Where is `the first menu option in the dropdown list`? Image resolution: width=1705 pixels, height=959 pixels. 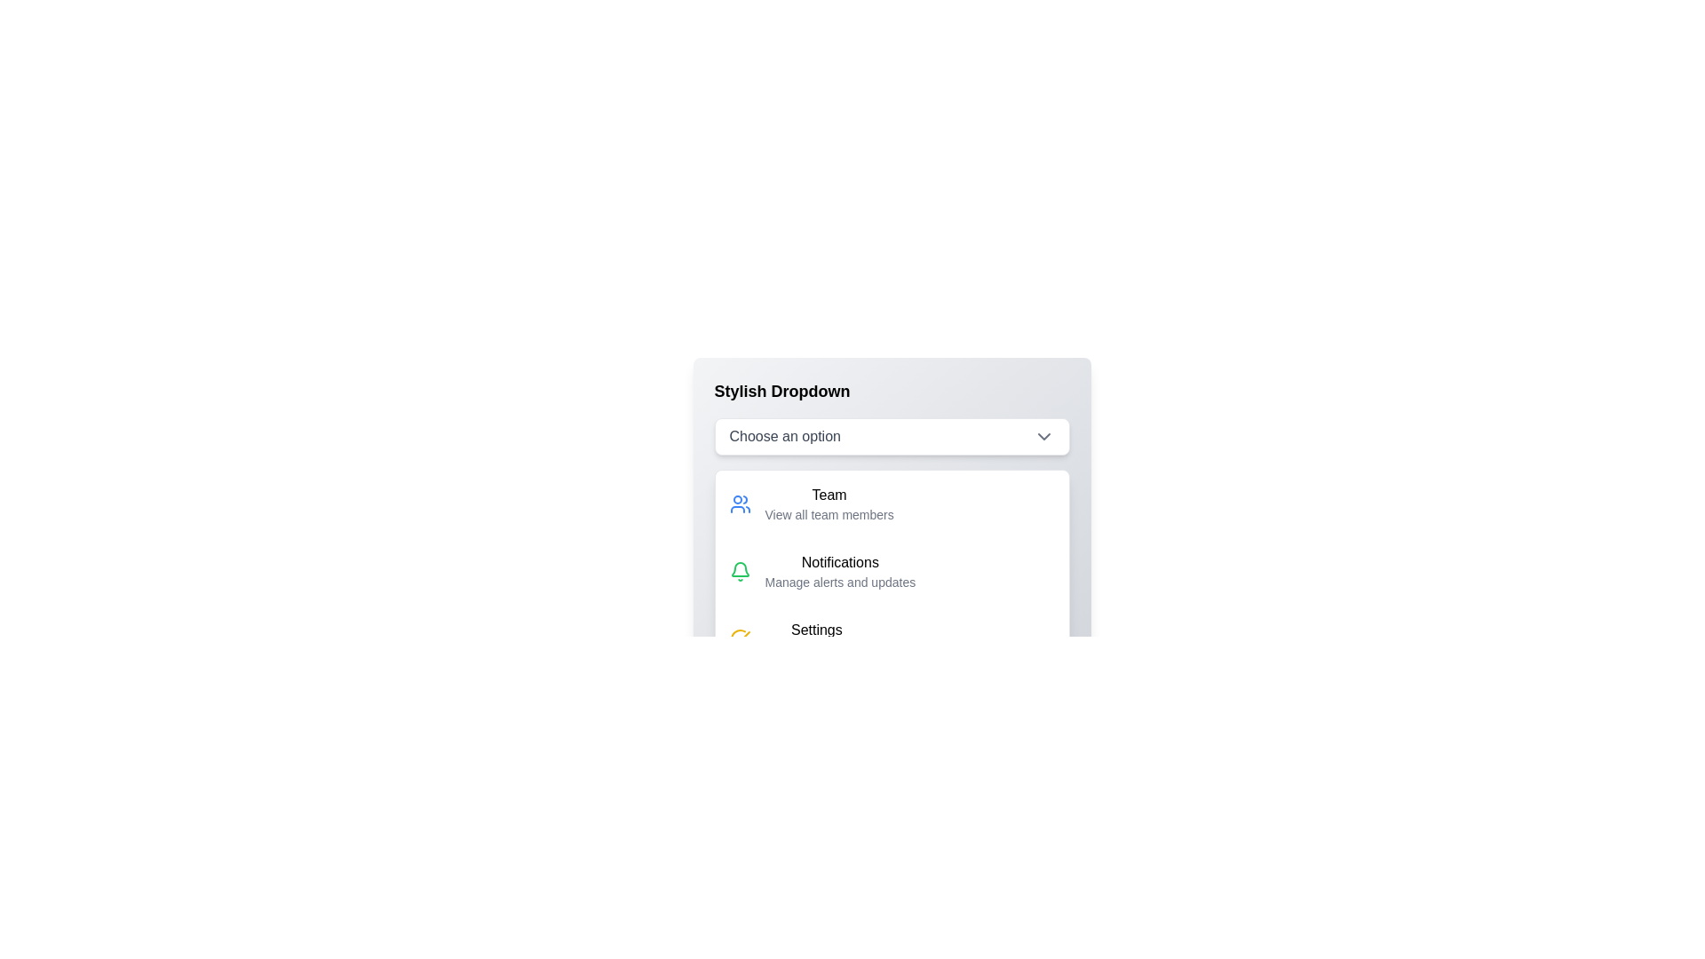 the first menu option in the dropdown list is located at coordinates (892, 503).